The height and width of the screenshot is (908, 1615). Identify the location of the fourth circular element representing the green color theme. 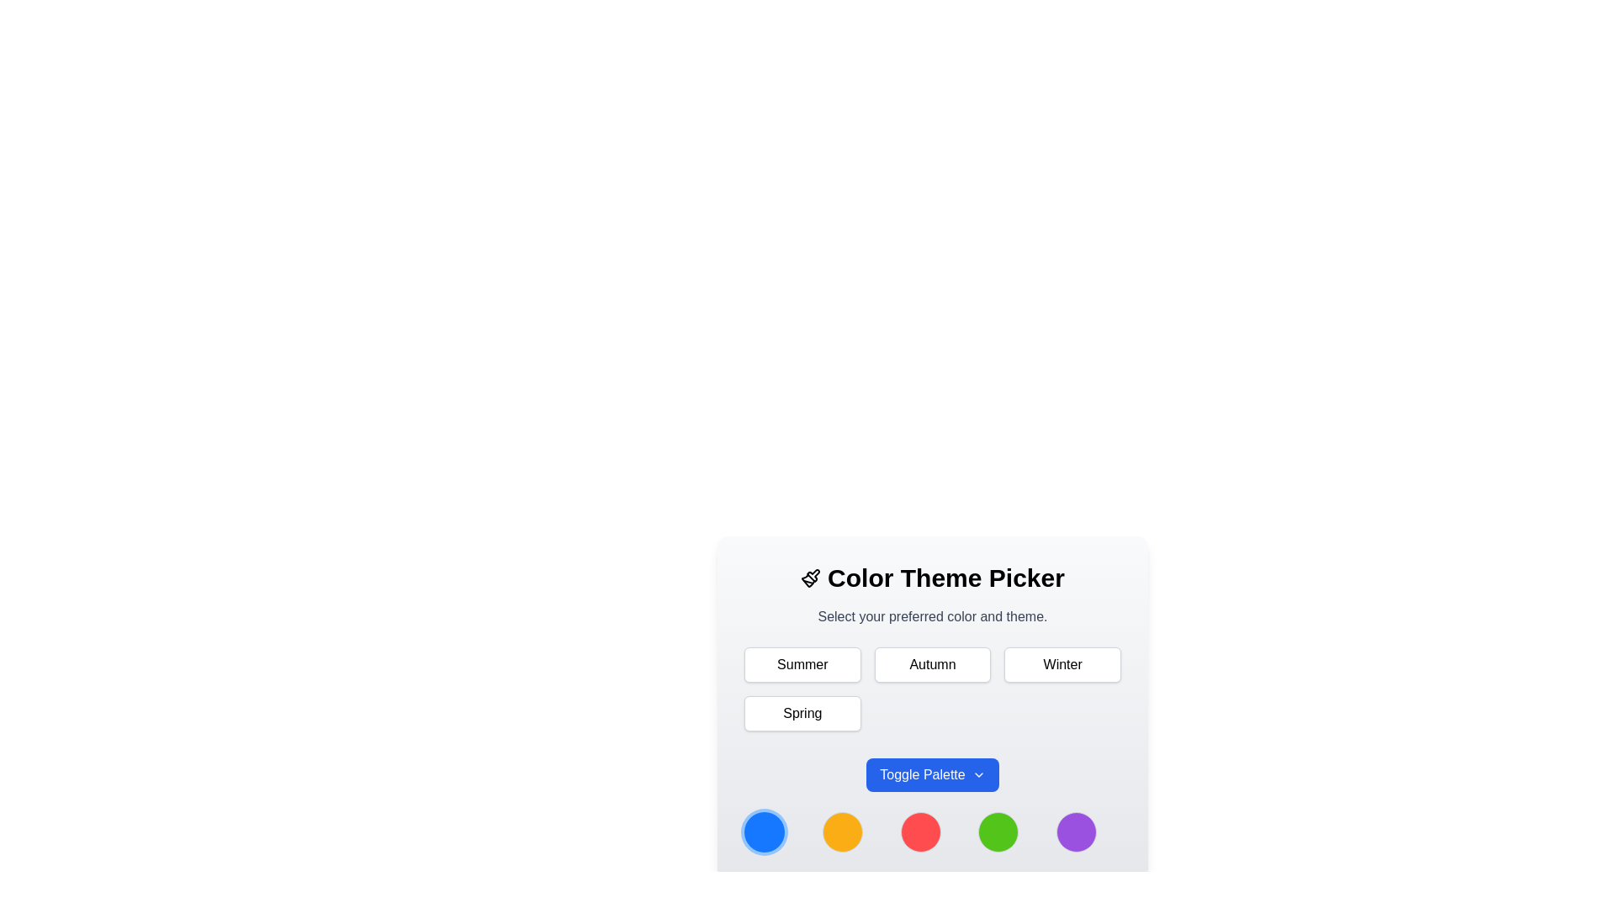
(998, 832).